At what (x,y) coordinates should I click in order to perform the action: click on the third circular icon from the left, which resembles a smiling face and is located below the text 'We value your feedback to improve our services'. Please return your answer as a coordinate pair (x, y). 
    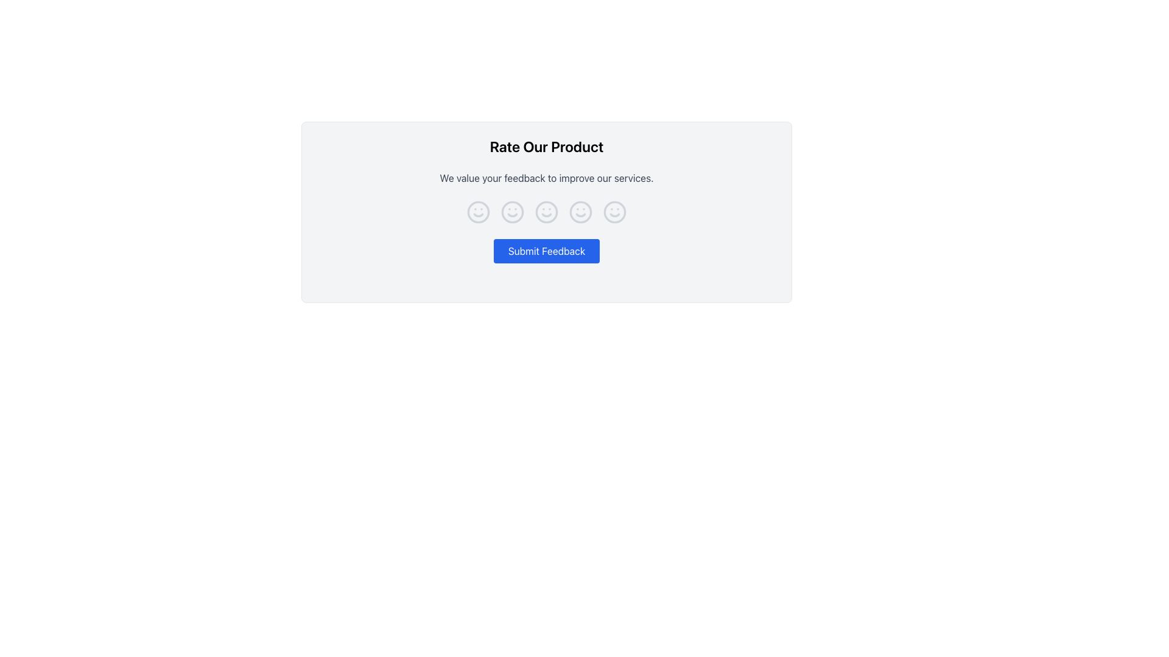
    Looking at the image, I should click on (546, 211).